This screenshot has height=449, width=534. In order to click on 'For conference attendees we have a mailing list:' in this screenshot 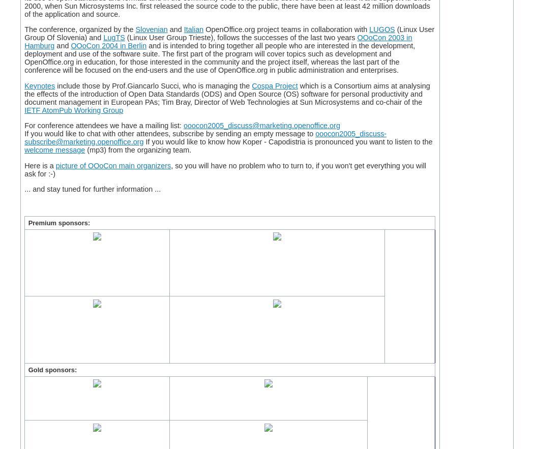, I will do `click(103, 125)`.